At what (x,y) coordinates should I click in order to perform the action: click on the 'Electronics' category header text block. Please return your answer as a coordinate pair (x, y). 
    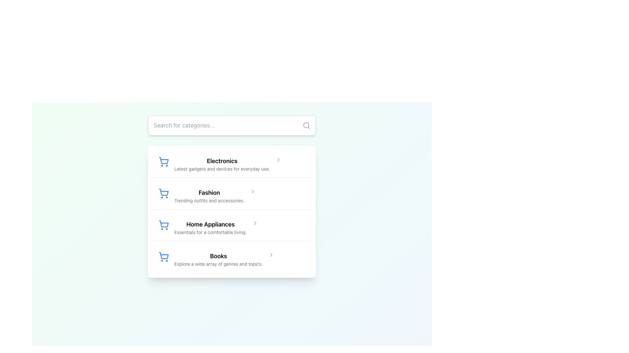
    Looking at the image, I should click on (222, 164).